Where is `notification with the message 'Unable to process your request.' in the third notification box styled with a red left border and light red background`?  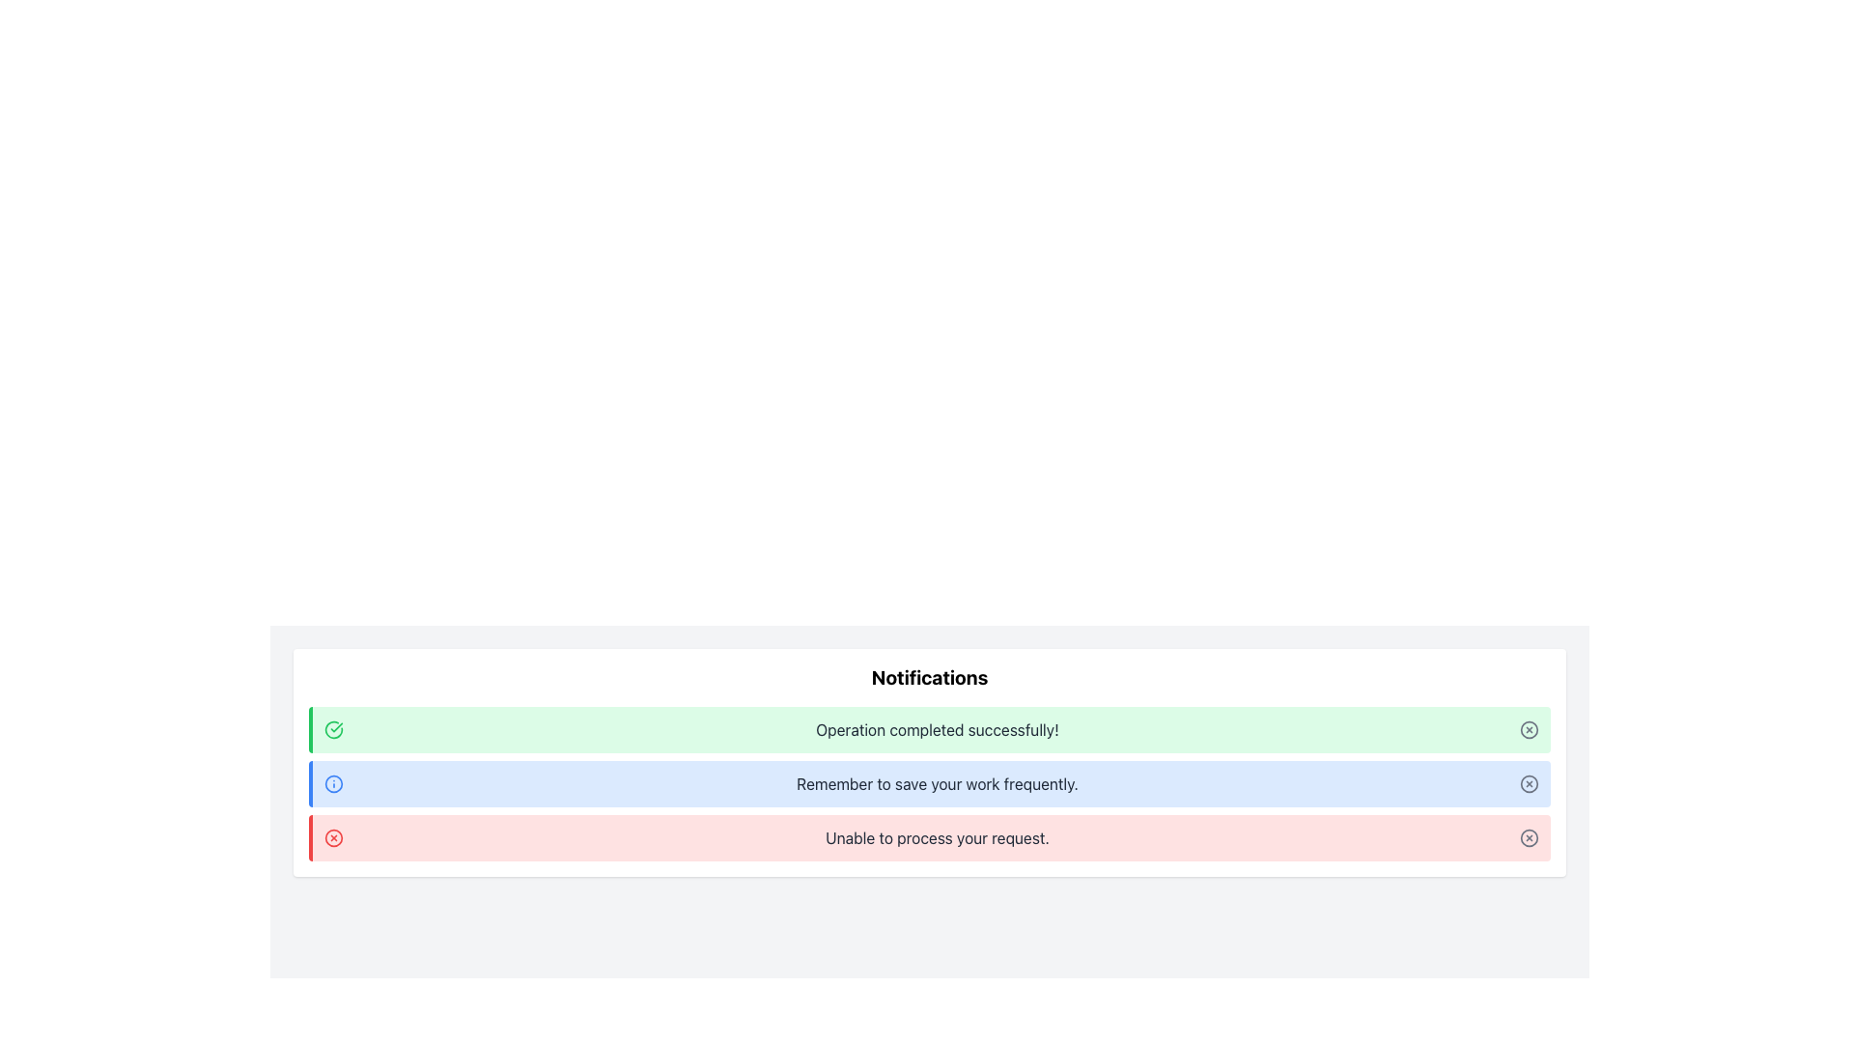 notification with the message 'Unable to process your request.' in the third notification box styled with a red left border and light red background is located at coordinates (930, 836).